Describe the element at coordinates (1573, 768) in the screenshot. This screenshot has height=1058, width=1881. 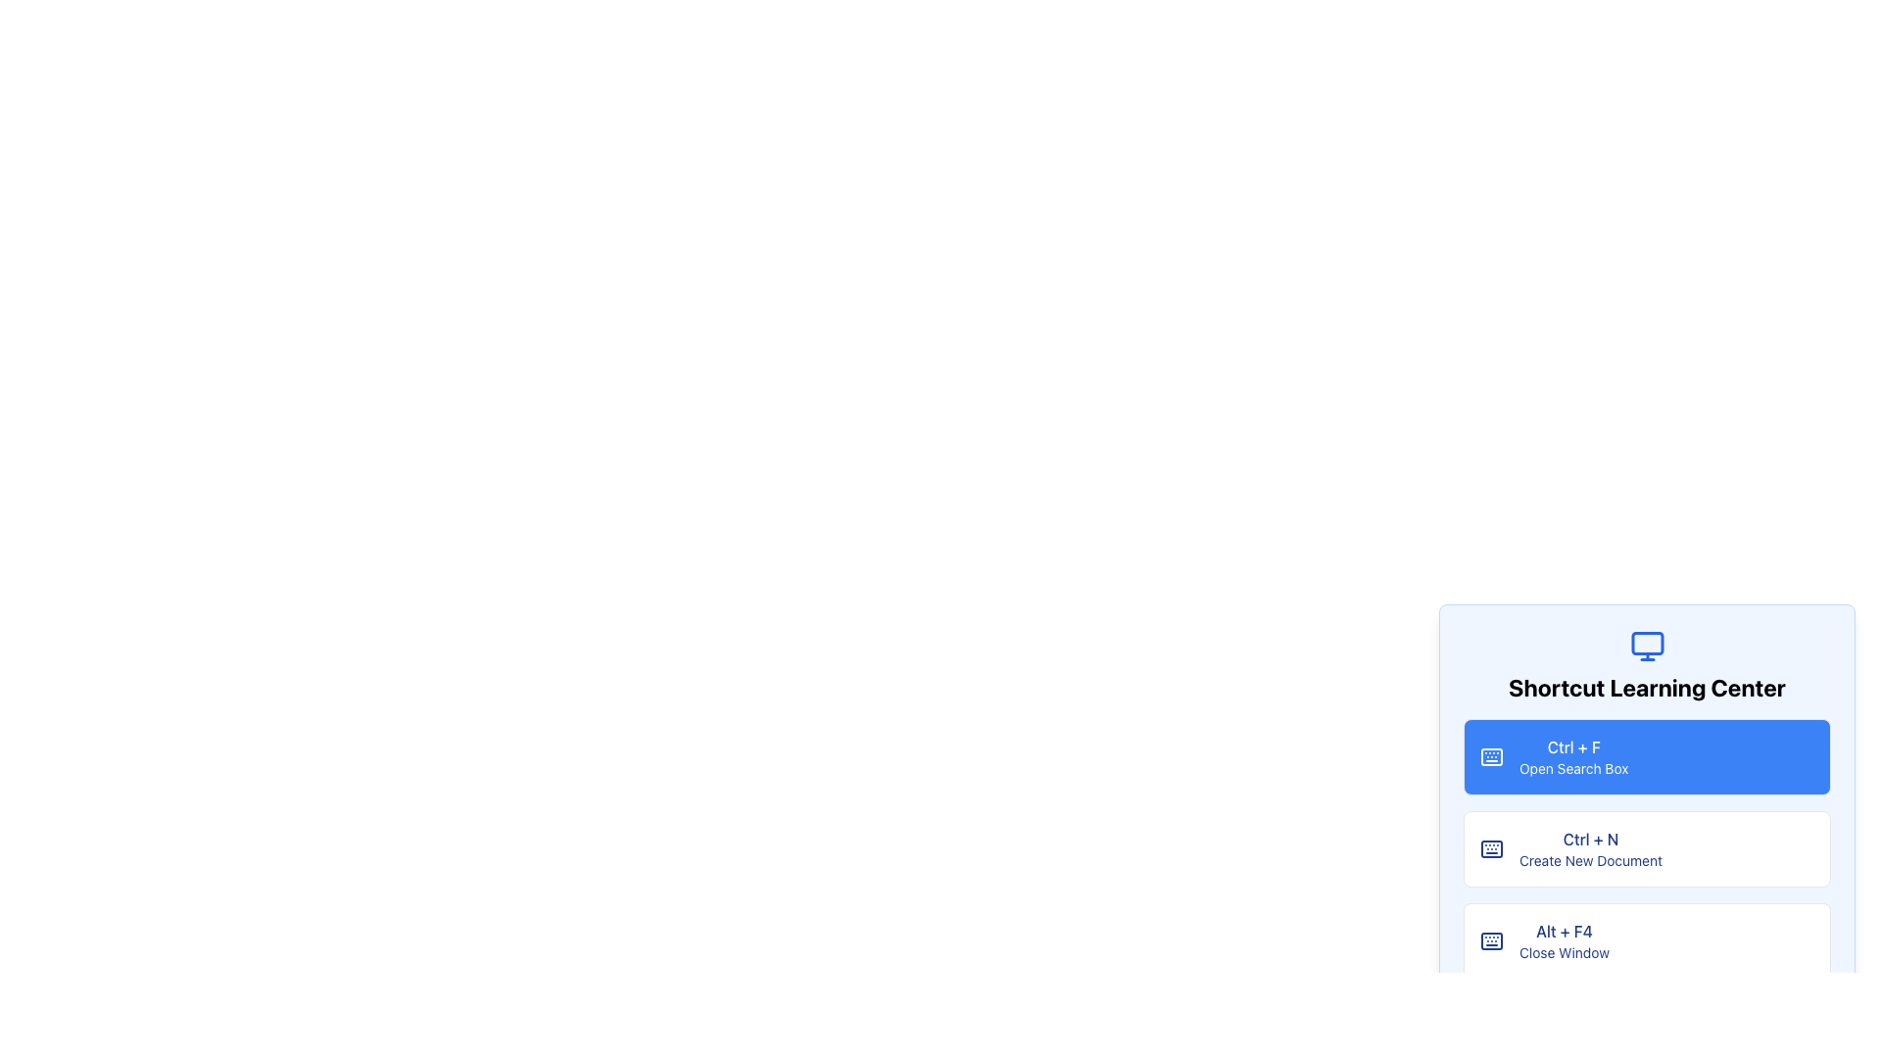
I see `the descriptive Text Label located directly below the 'Ctrl + F' keyboard shortcut within the blue highlighted box in the 'Shortcut Learning Center'` at that location.